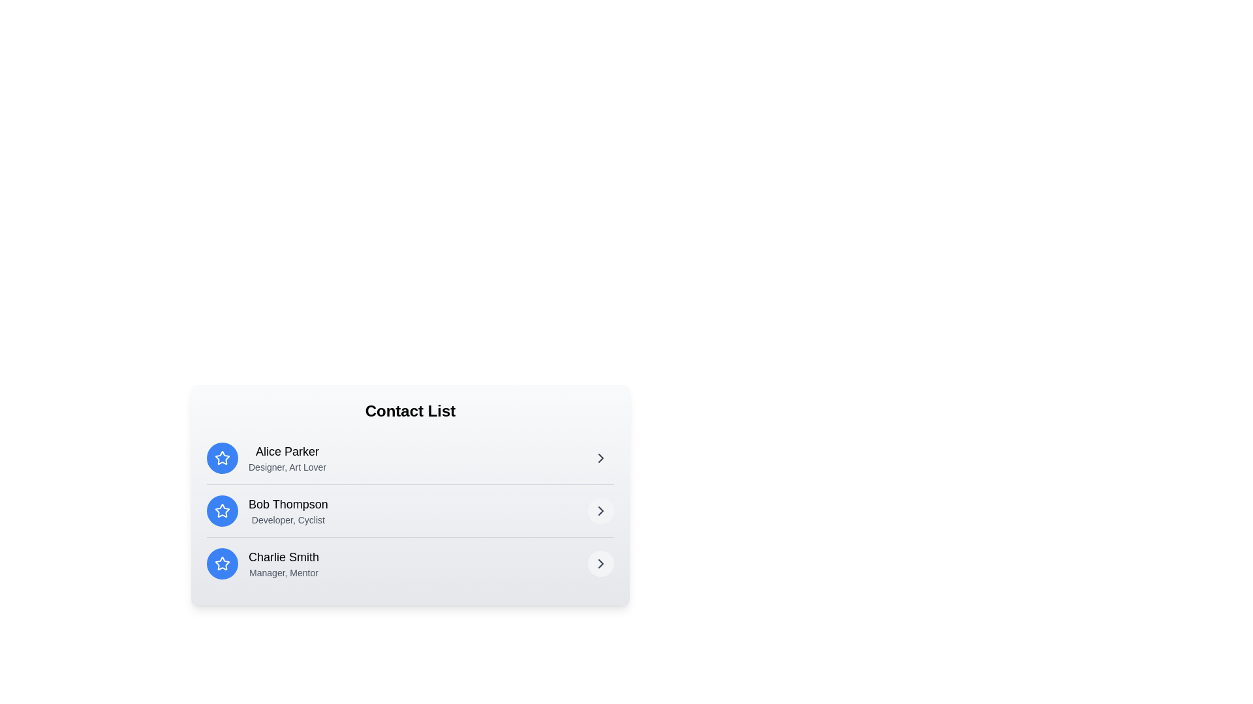 Image resolution: width=1253 pixels, height=704 pixels. Describe the element at coordinates (600, 563) in the screenshot. I see `the right arrow button for the contact Charlie Smith` at that location.